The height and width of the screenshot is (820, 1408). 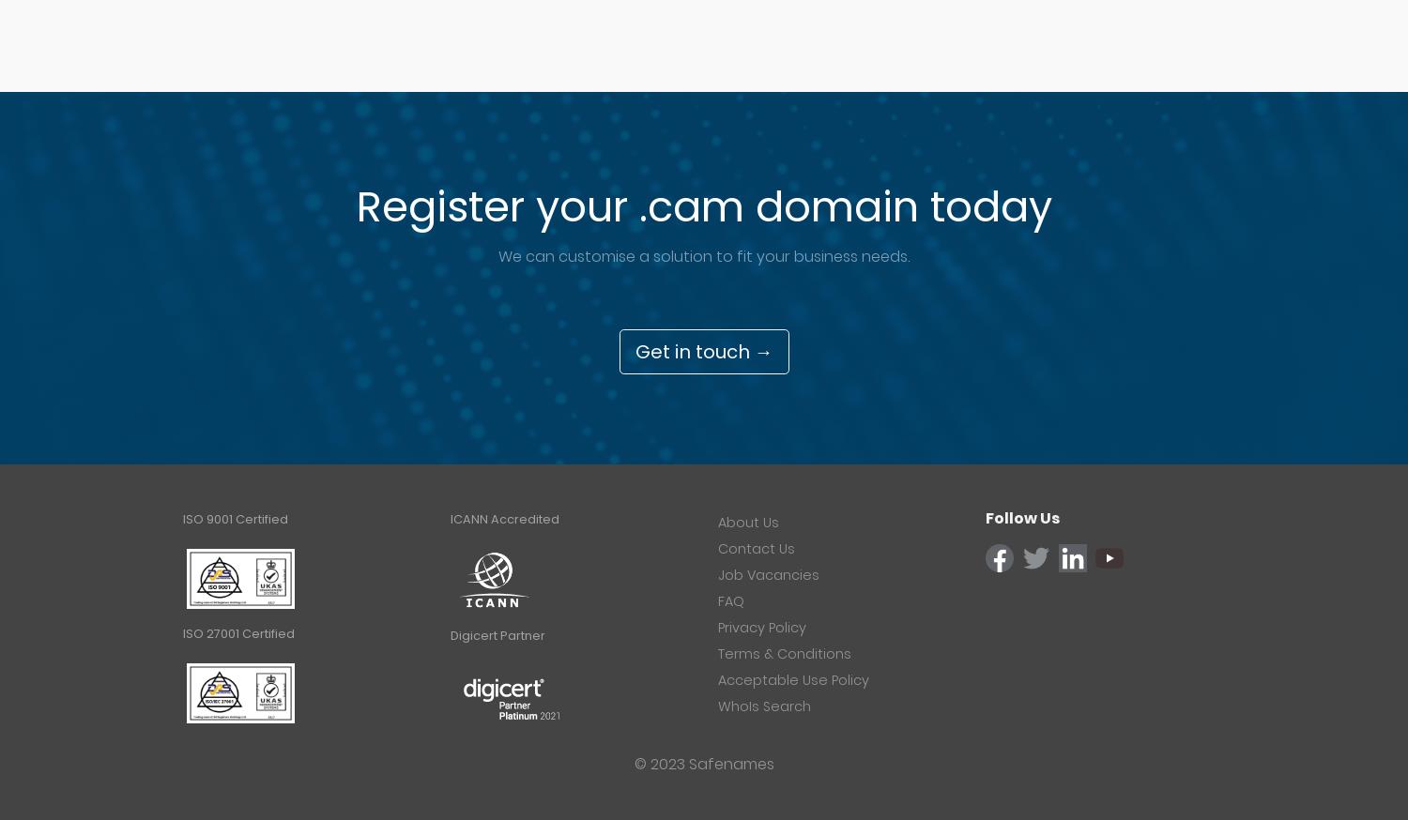 What do you see at coordinates (505, 519) in the screenshot?
I see `'ICANN Accredited'` at bounding box center [505, 519].